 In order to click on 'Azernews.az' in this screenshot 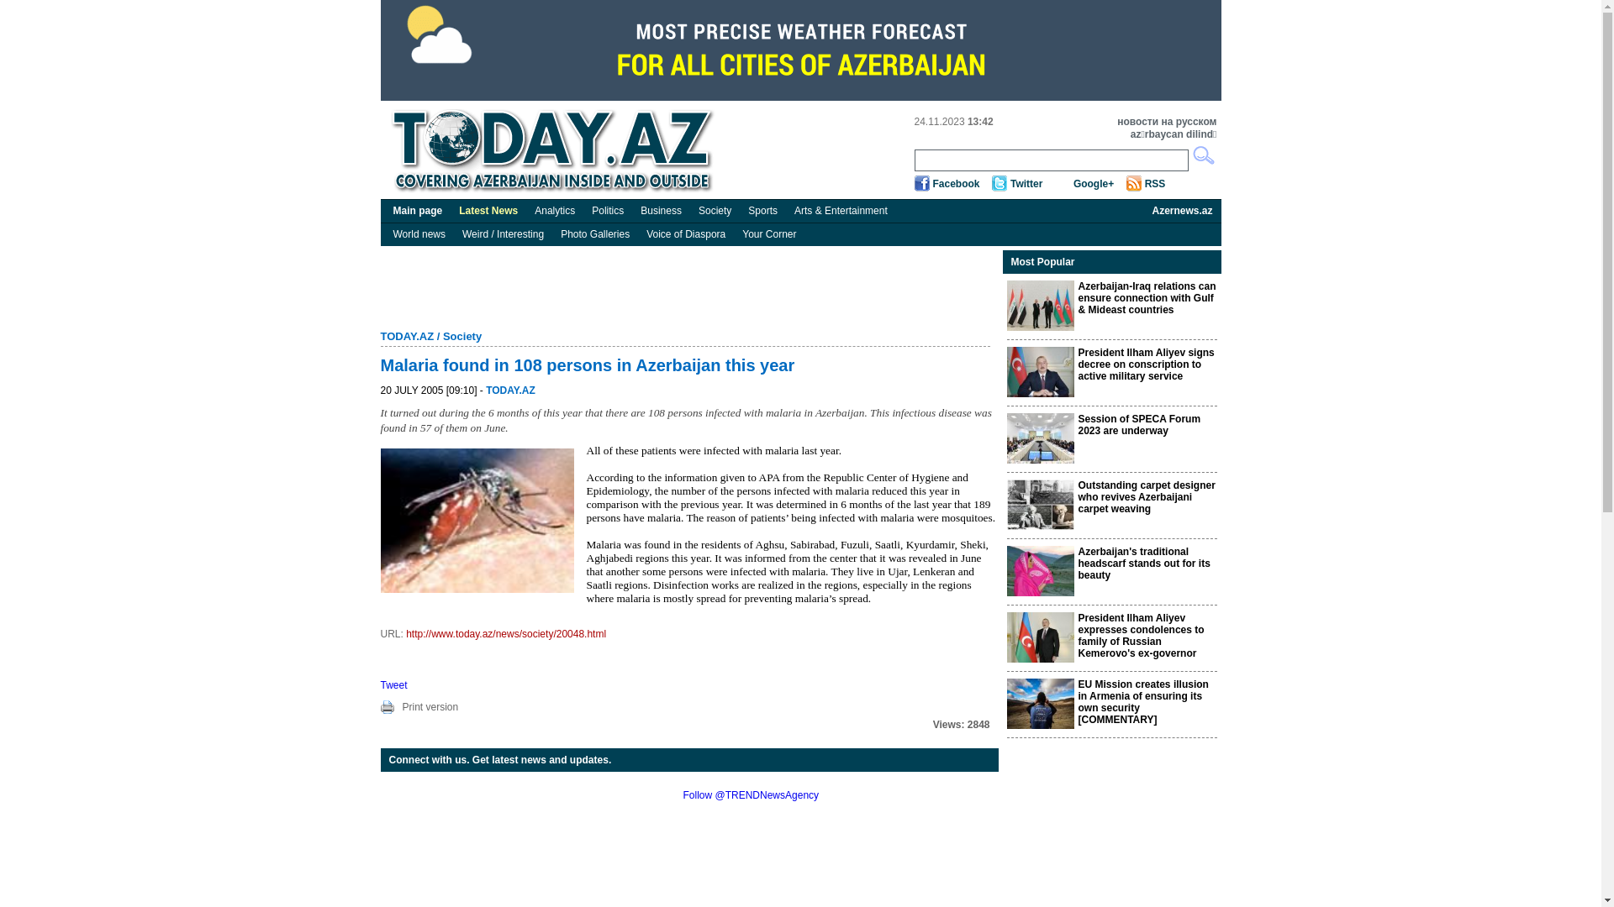, I will do `click(1181, 209)`.